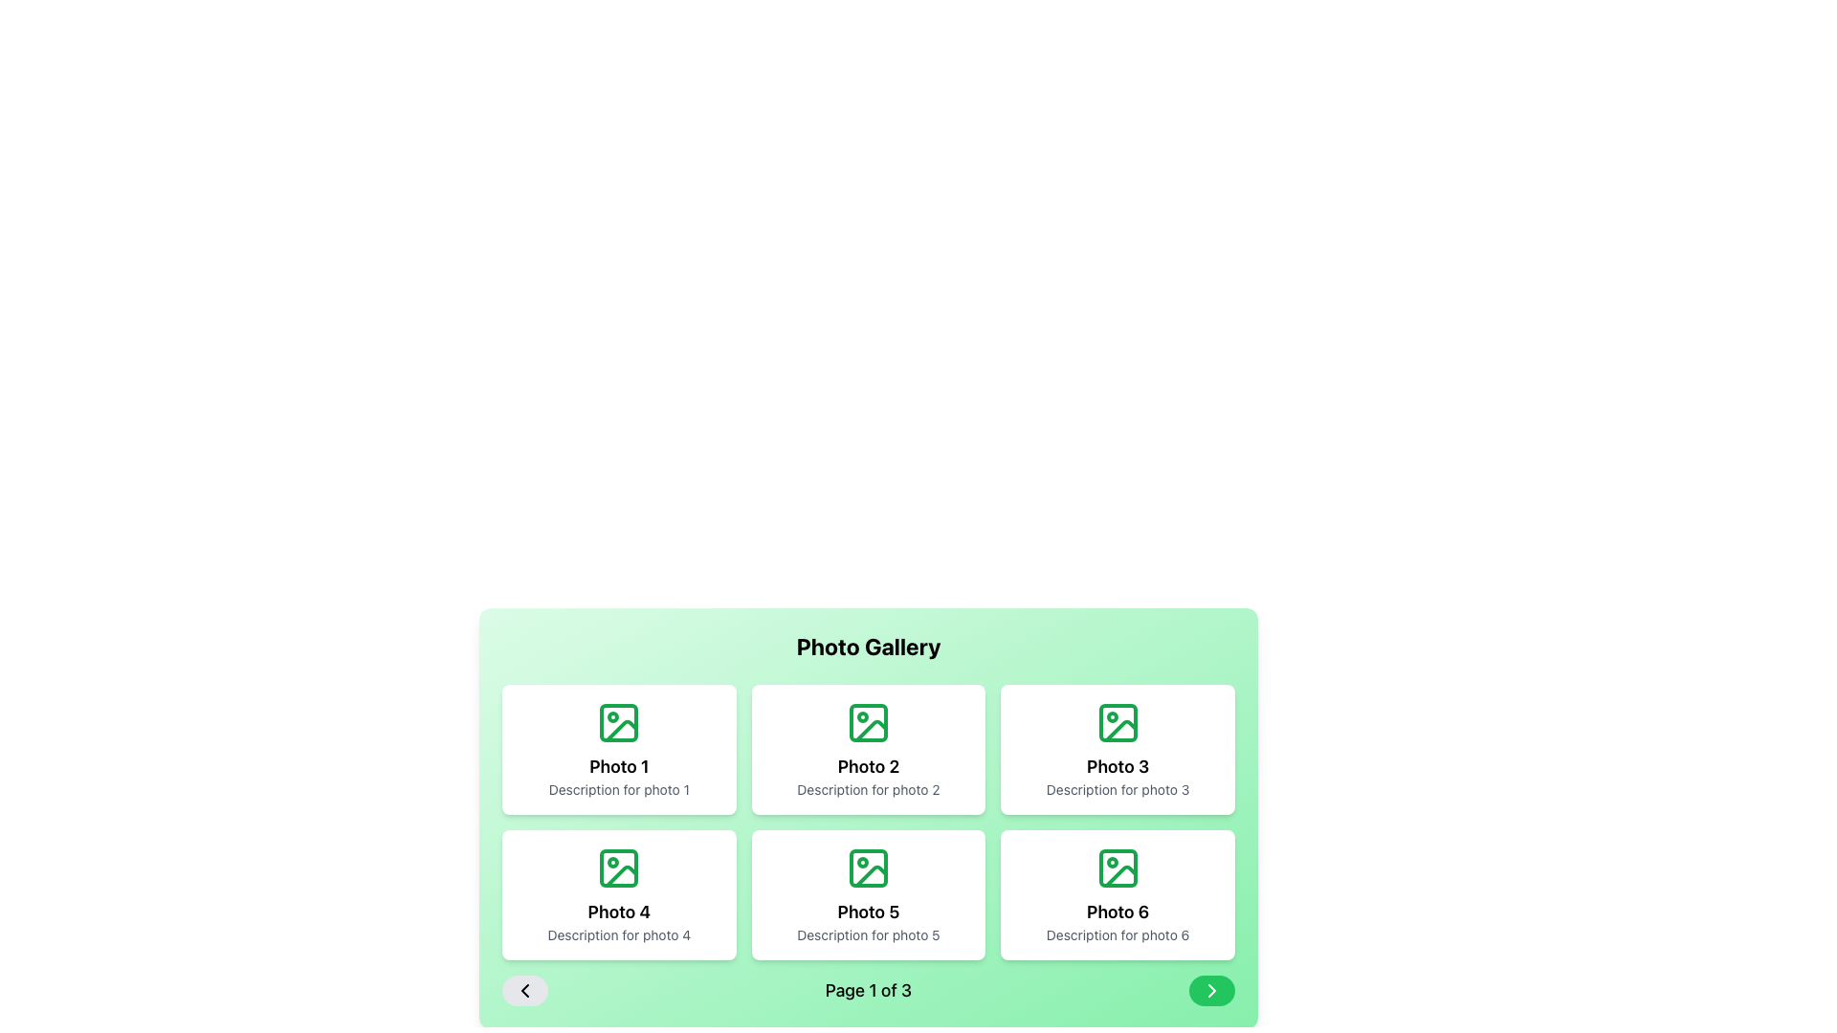 The height and width of the screenshot is (1033, 1837). Describe the element at coordinates (1118, 723) in the screenshot. I see `the icon resembling a stylized photo frame with a green outline, located in the middle of the second row of the Photo 3 card` at that location.